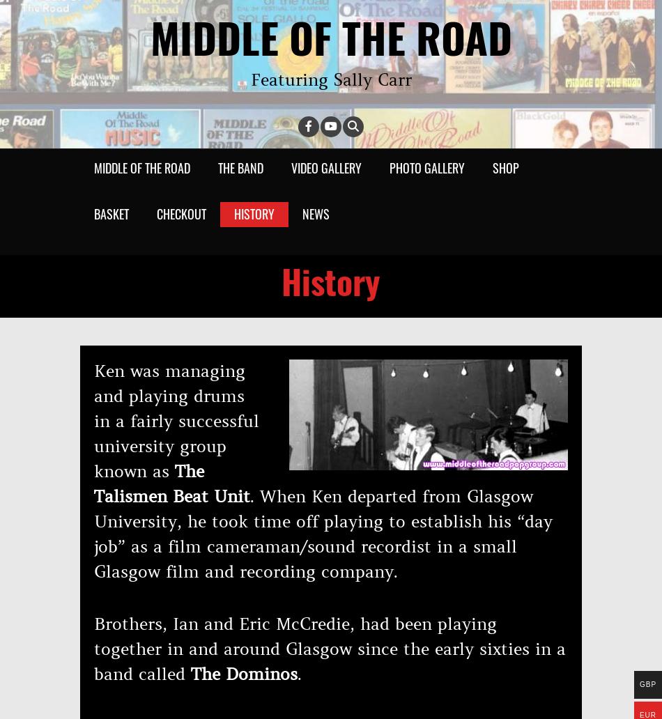  I want to click on 'Featuring Sally Carr', so click(330, 80).